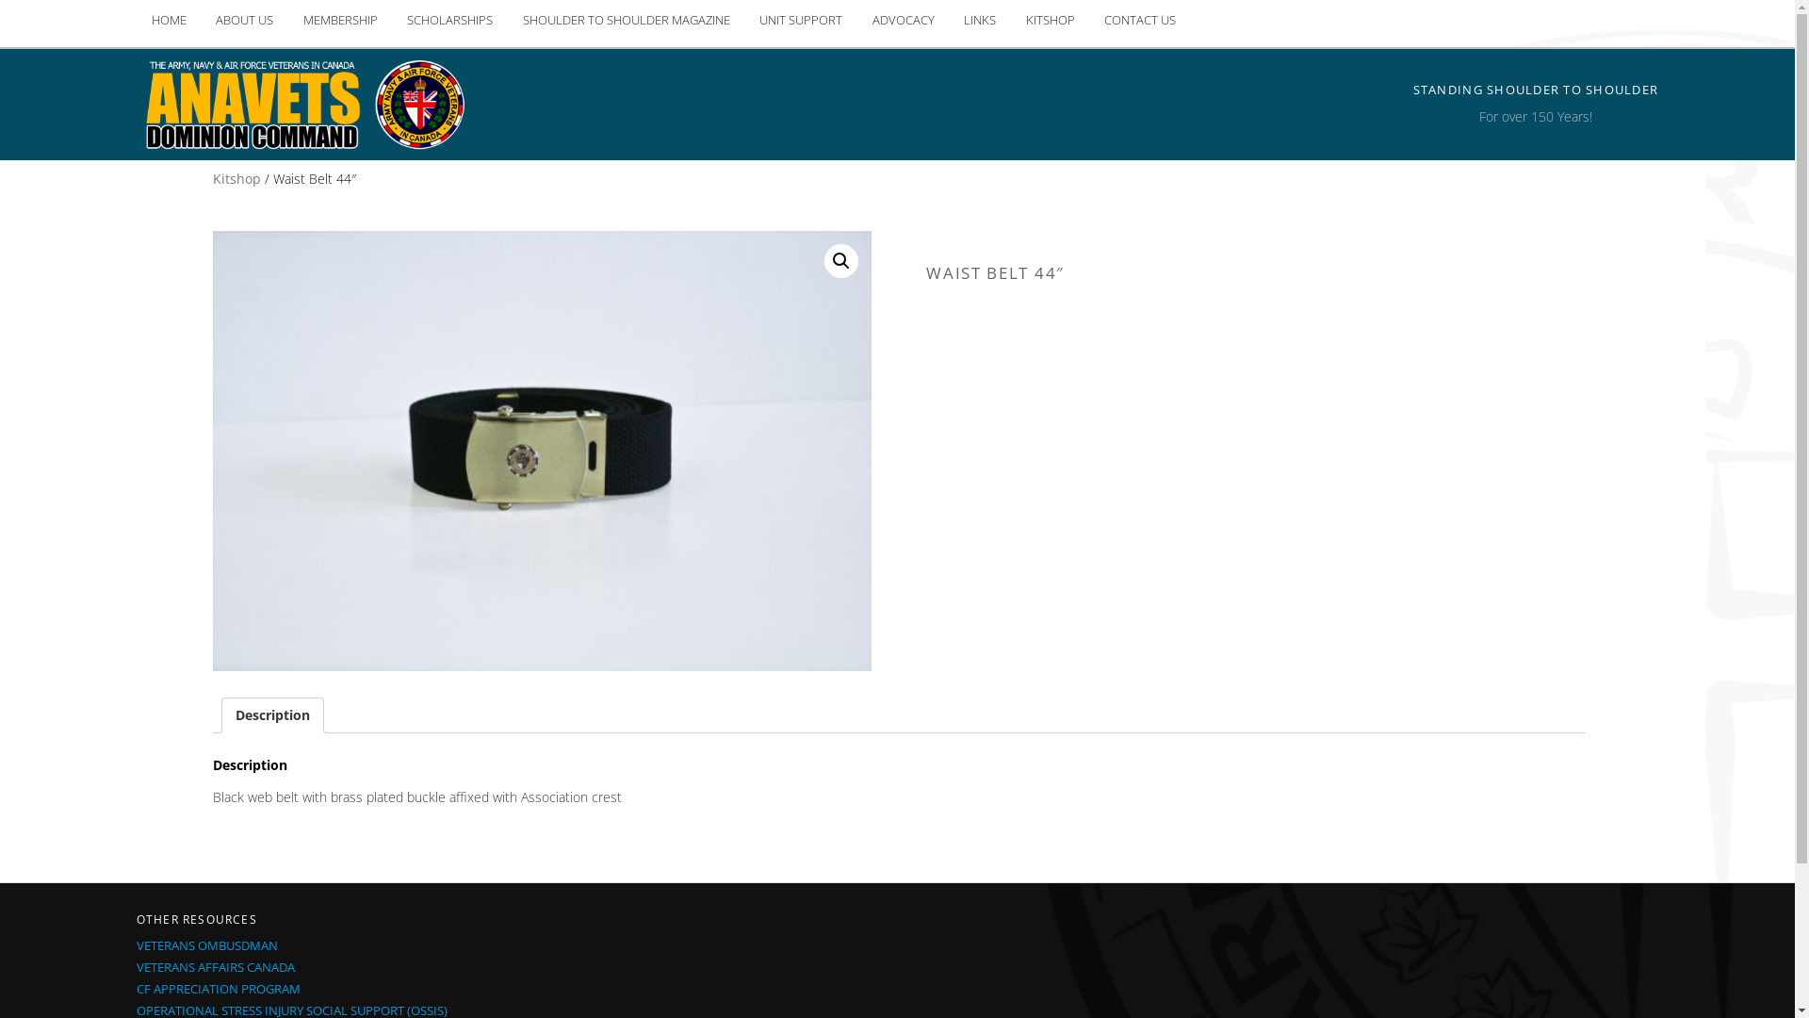 This screenshot has height=1018, width=1809. I want to click on 'SHOULDER TO SHOULDER MAGAZINE', so click(507, 20).